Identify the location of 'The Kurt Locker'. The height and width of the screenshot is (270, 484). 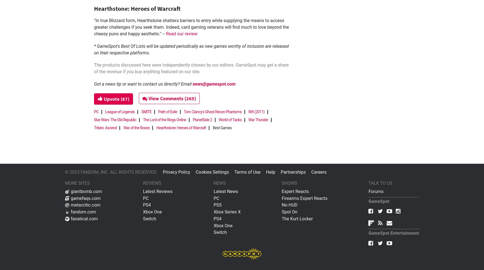
(297, 218).